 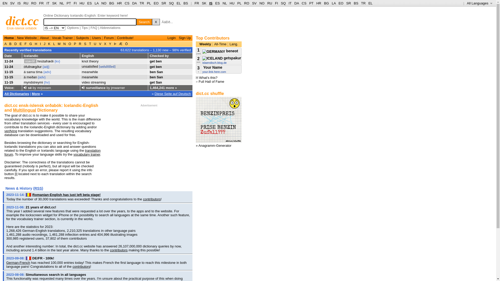 What do you see at coordinates (96, 87) in the screenshot?
I see `'surveillance'` at bounding box center [96, 87].